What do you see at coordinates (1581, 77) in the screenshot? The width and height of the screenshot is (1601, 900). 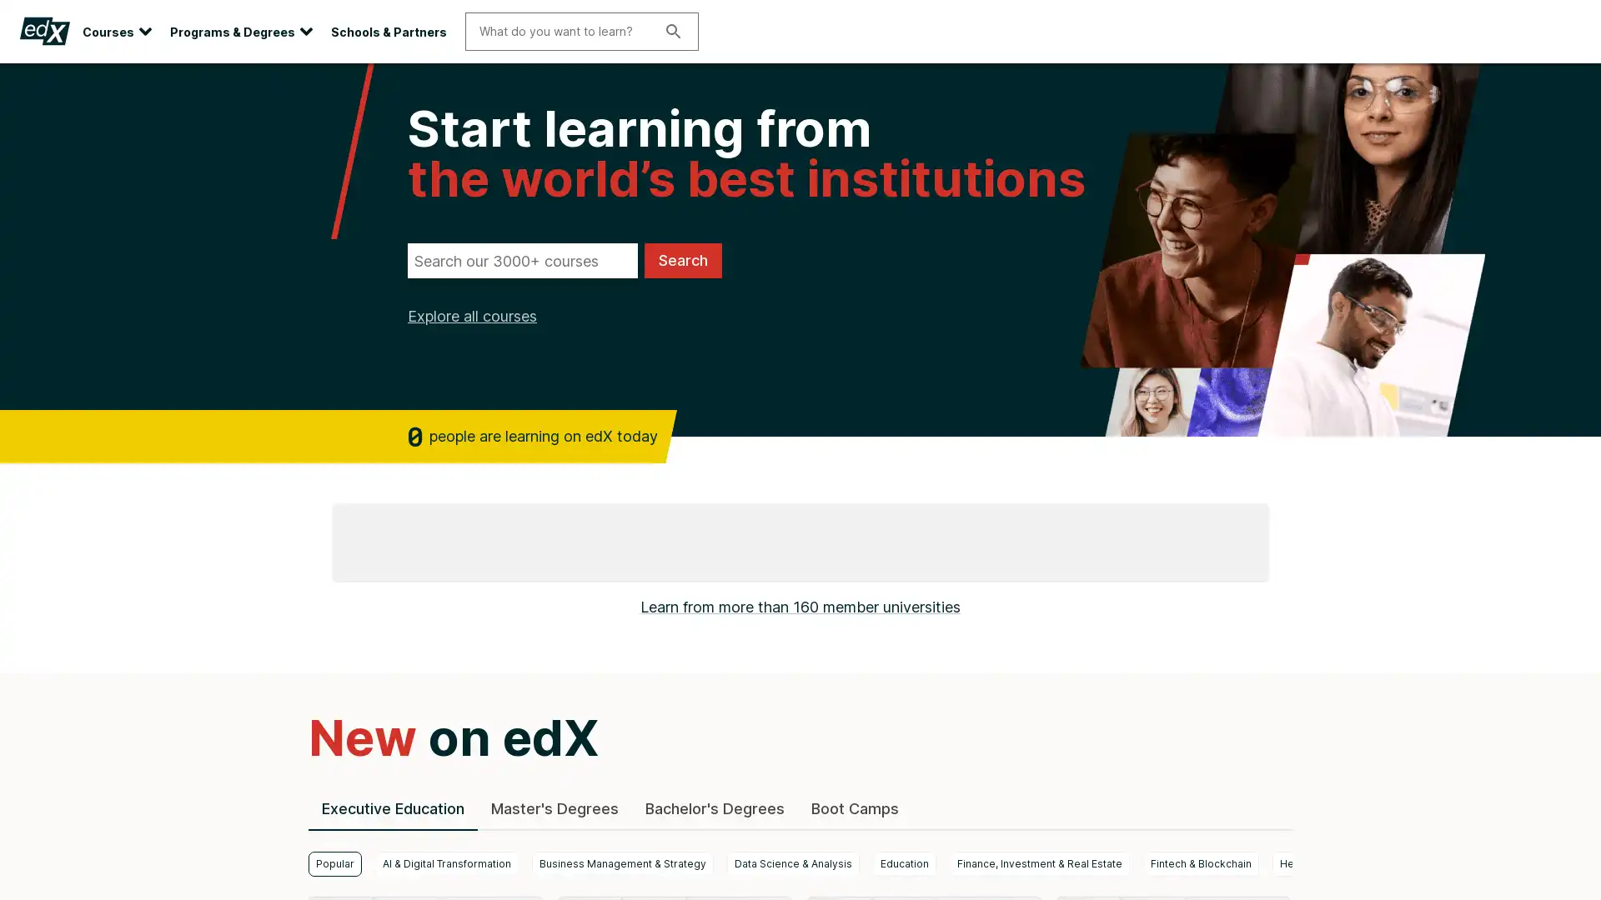 I see `Close site banner.` at bounding box center [1581, 77].